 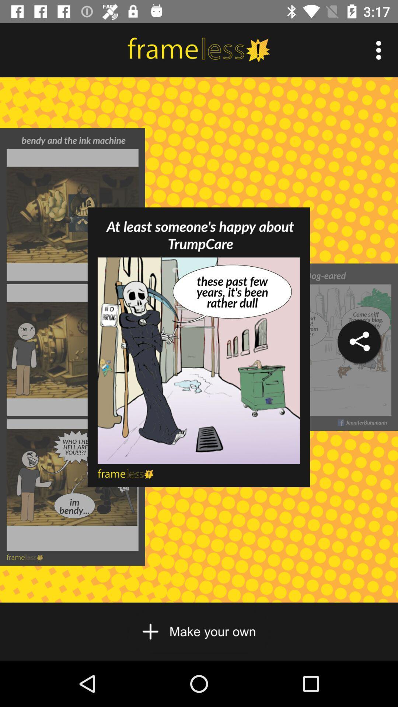 What do you see at coordinates (359, 341) in the screenshot?
I see `share` at bounding box center [359, 341].